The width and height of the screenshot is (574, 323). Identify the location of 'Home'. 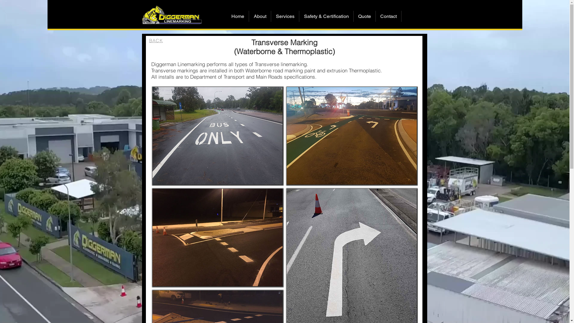
(237, 16).